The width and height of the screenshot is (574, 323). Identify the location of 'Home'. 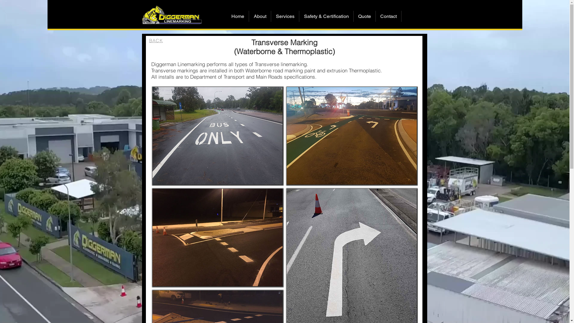
(237, 16).